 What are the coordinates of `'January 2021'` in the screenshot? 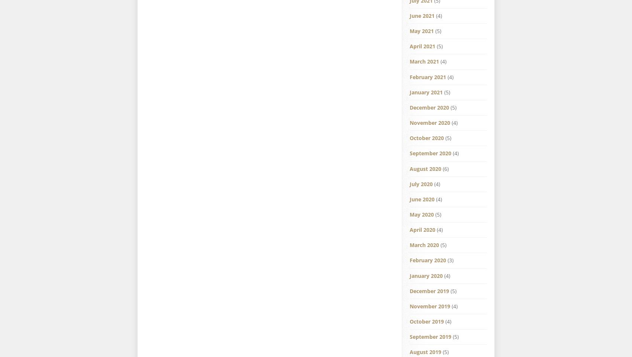 It's located at (409, 91).